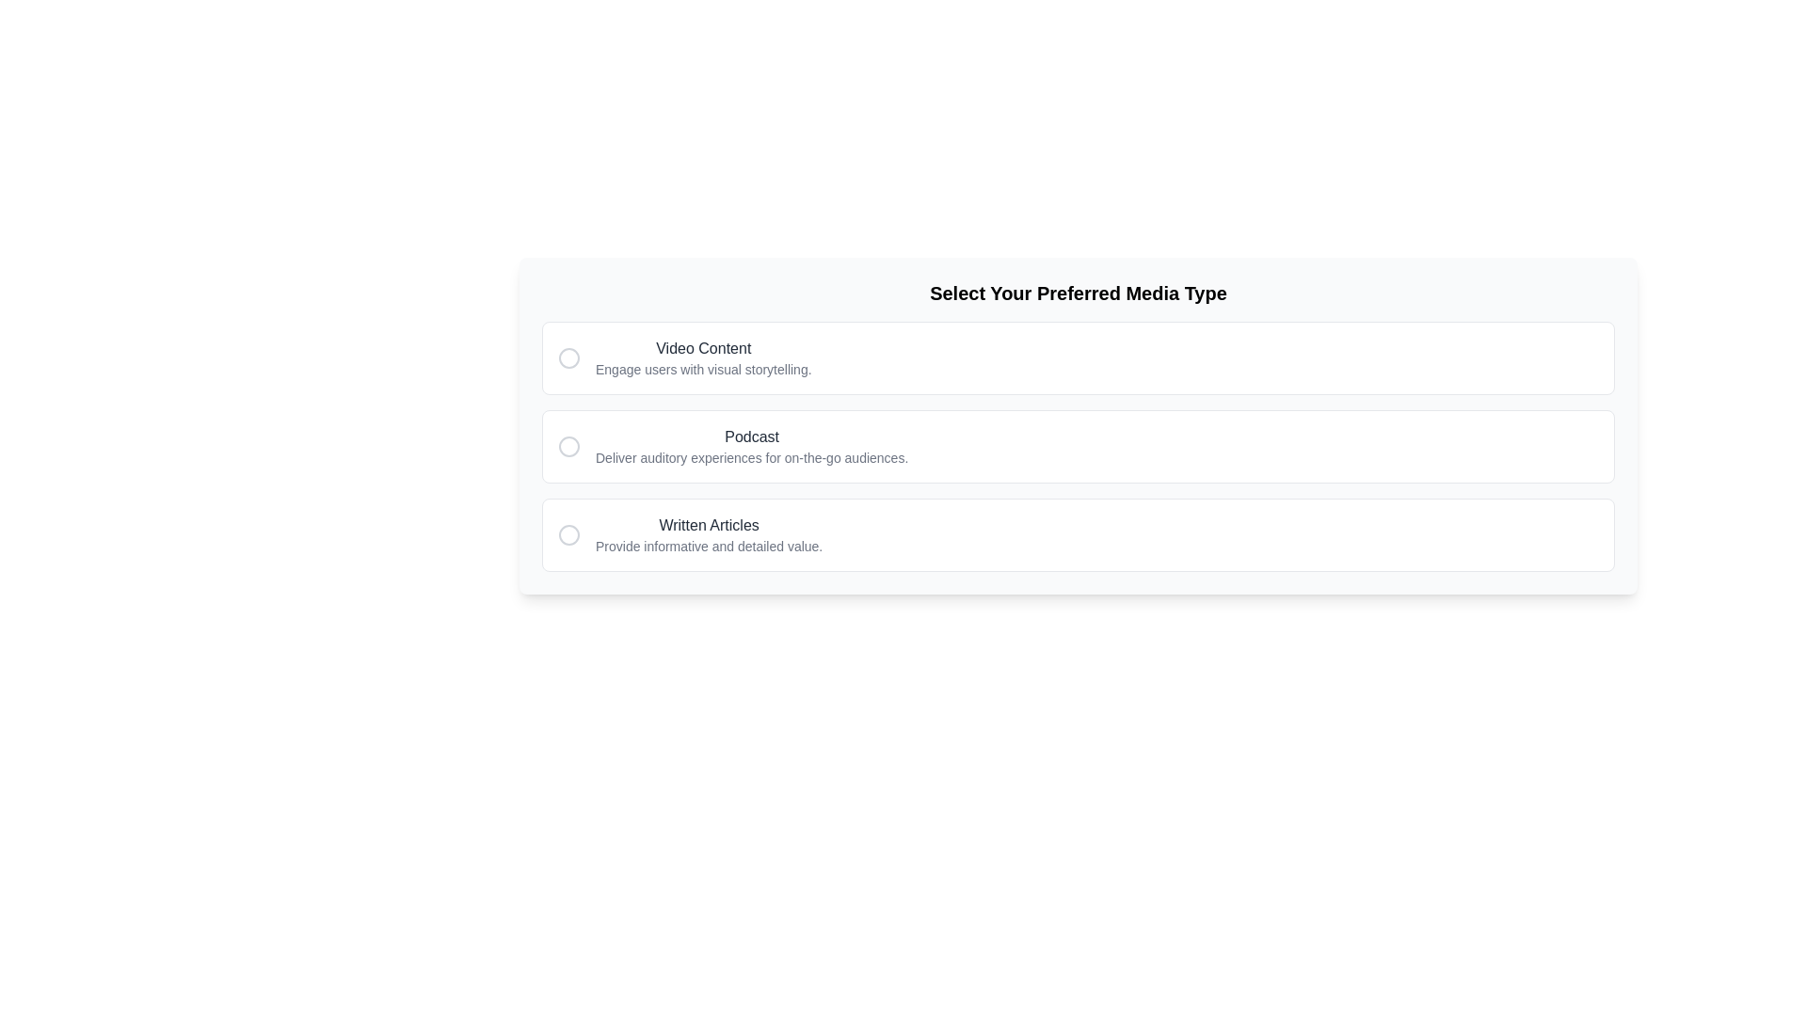 The width and height of the screenshot is (1807, 1016). I want to click on the 'Podcast' radio button, so click(568, 446).